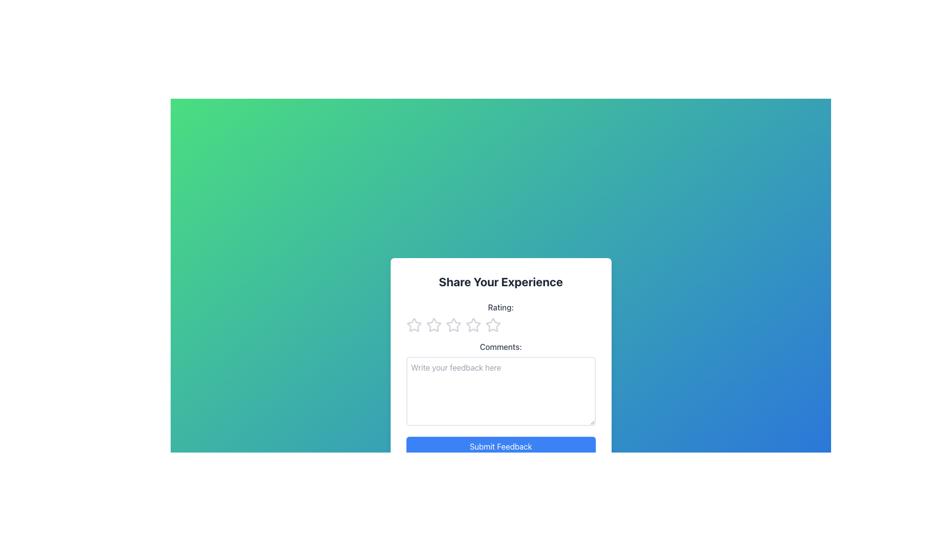  What do you see at coordinates (493, 325) in the screenshot?
I see `the fourth star icon in the star rating component` at bounding box center [493, 325].